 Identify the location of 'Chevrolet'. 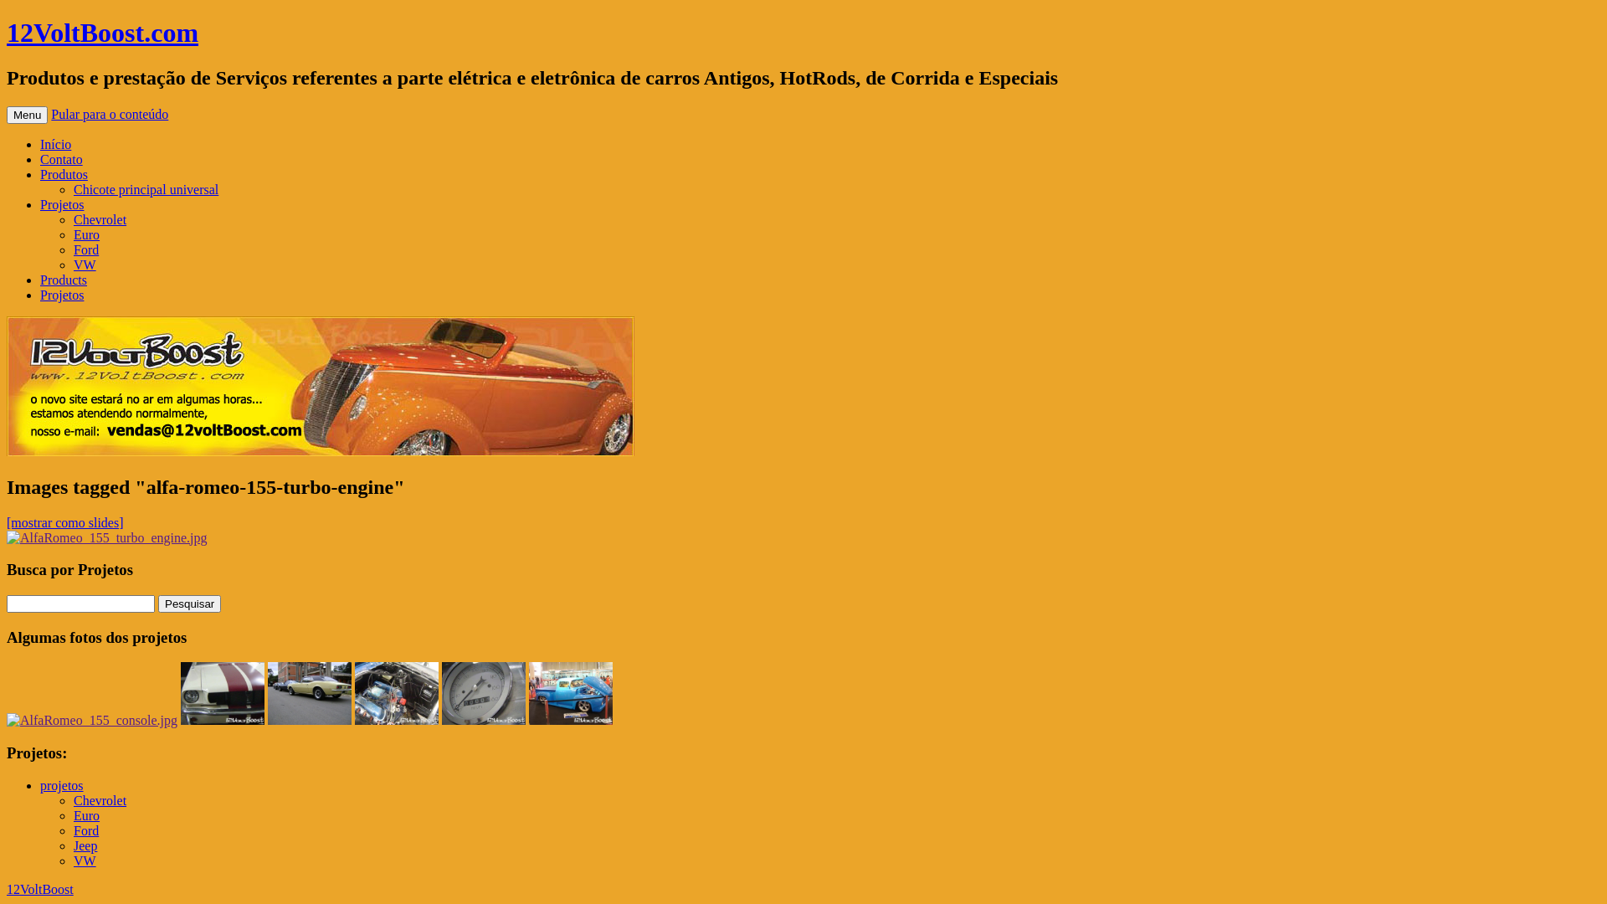
(99, 799).